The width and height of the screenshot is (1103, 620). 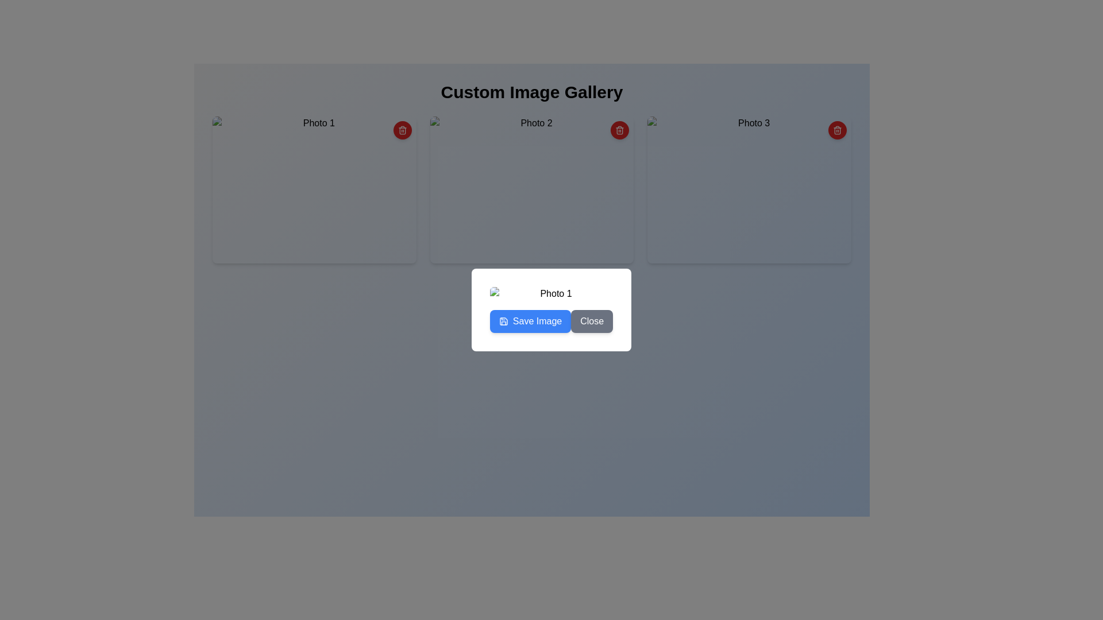 What do you see at coordinates (619, 130) in the screenshot?
I see `the trash can icon located at the top-right corner of the image card labeled 'Photo 2'` at bounding box center [619, 130].